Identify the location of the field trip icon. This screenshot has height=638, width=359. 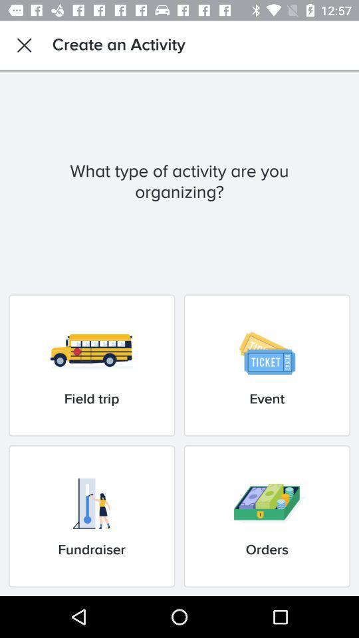
(91, 365).